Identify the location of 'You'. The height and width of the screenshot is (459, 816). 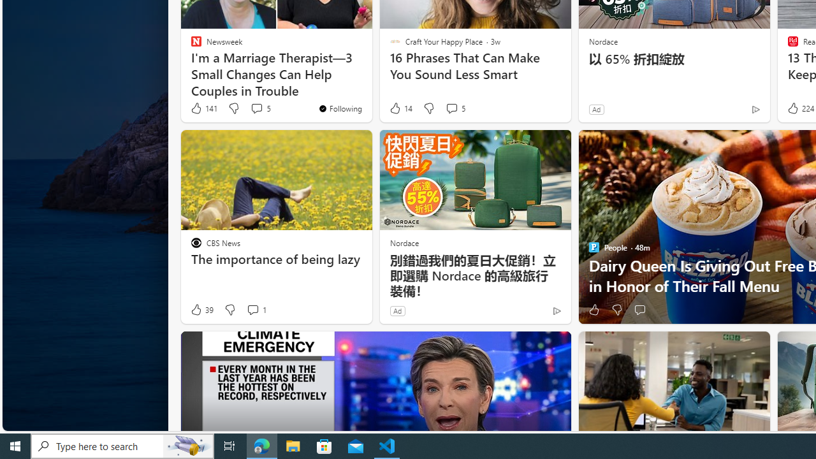
(340, 107).